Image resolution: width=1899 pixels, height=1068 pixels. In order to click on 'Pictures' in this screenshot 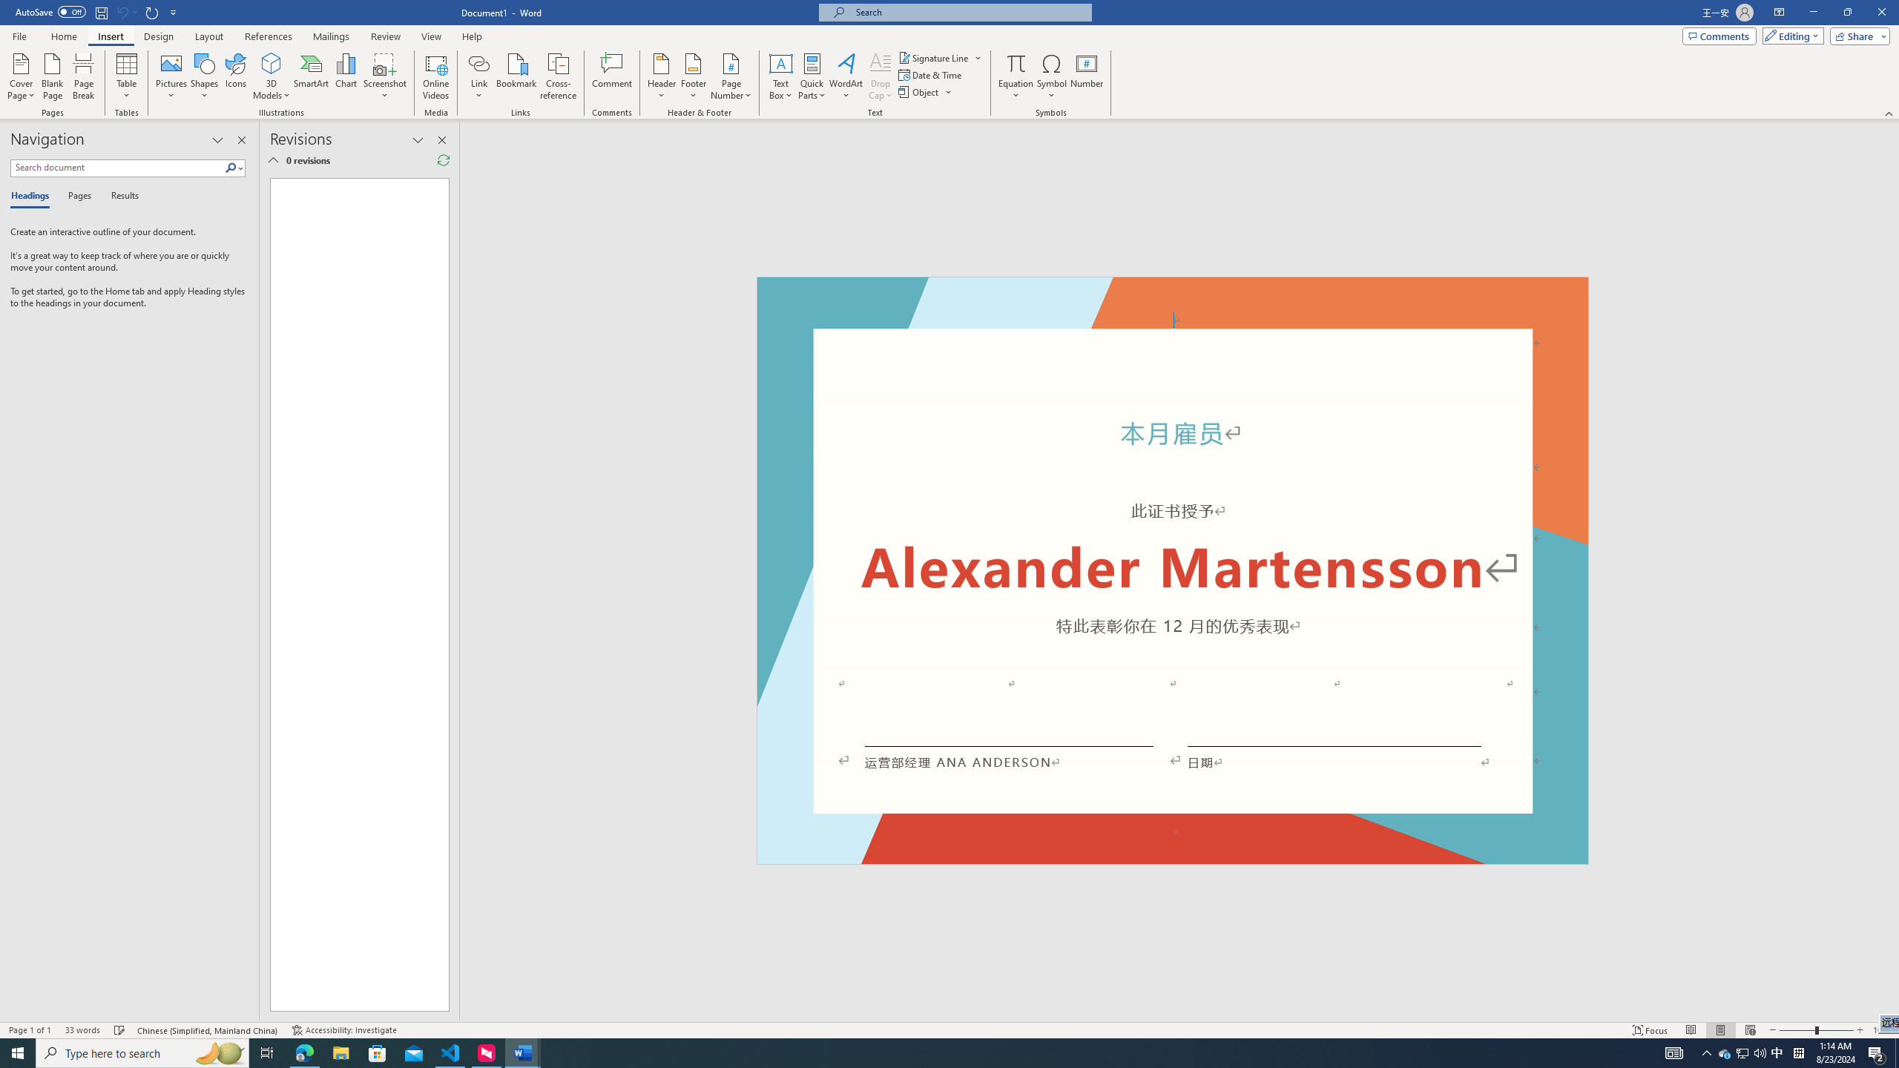, I will do `click(171, 76)`.